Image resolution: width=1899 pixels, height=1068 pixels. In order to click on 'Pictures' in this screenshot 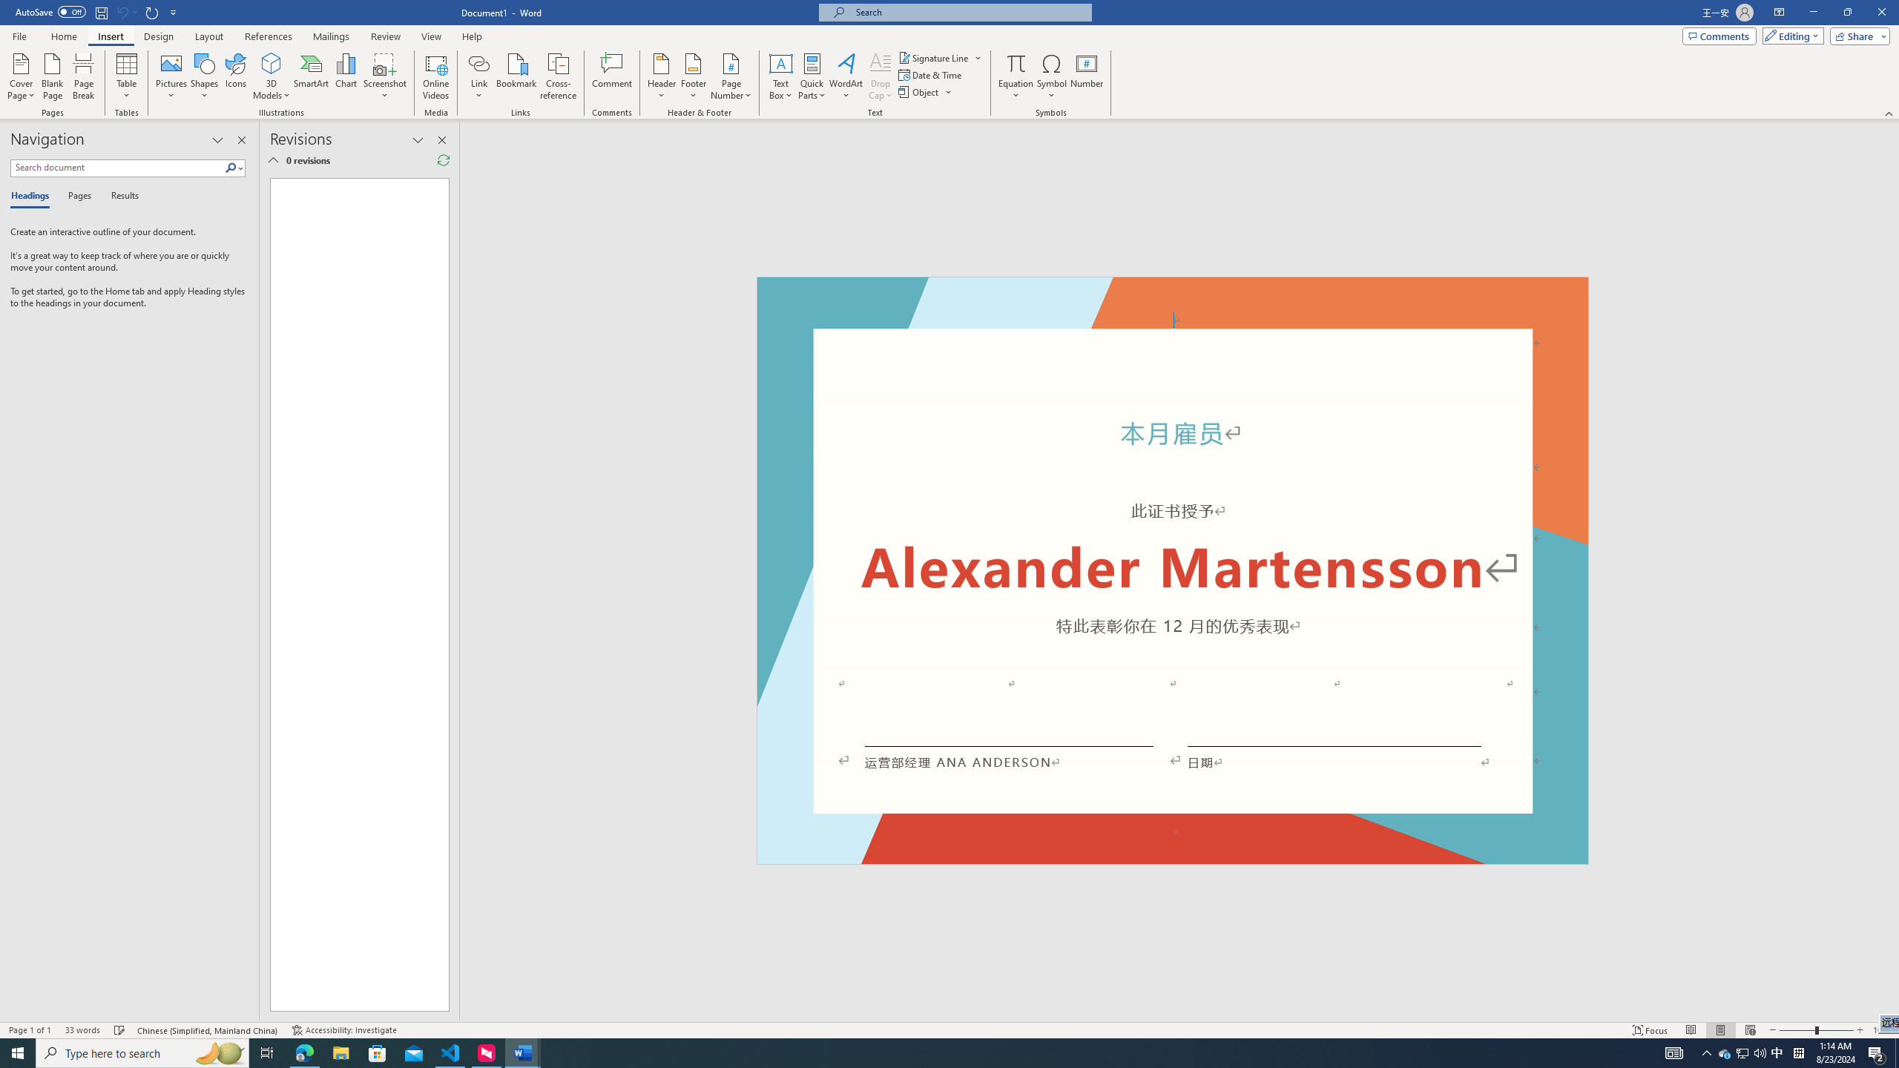, I will do `click(171, 76)`.